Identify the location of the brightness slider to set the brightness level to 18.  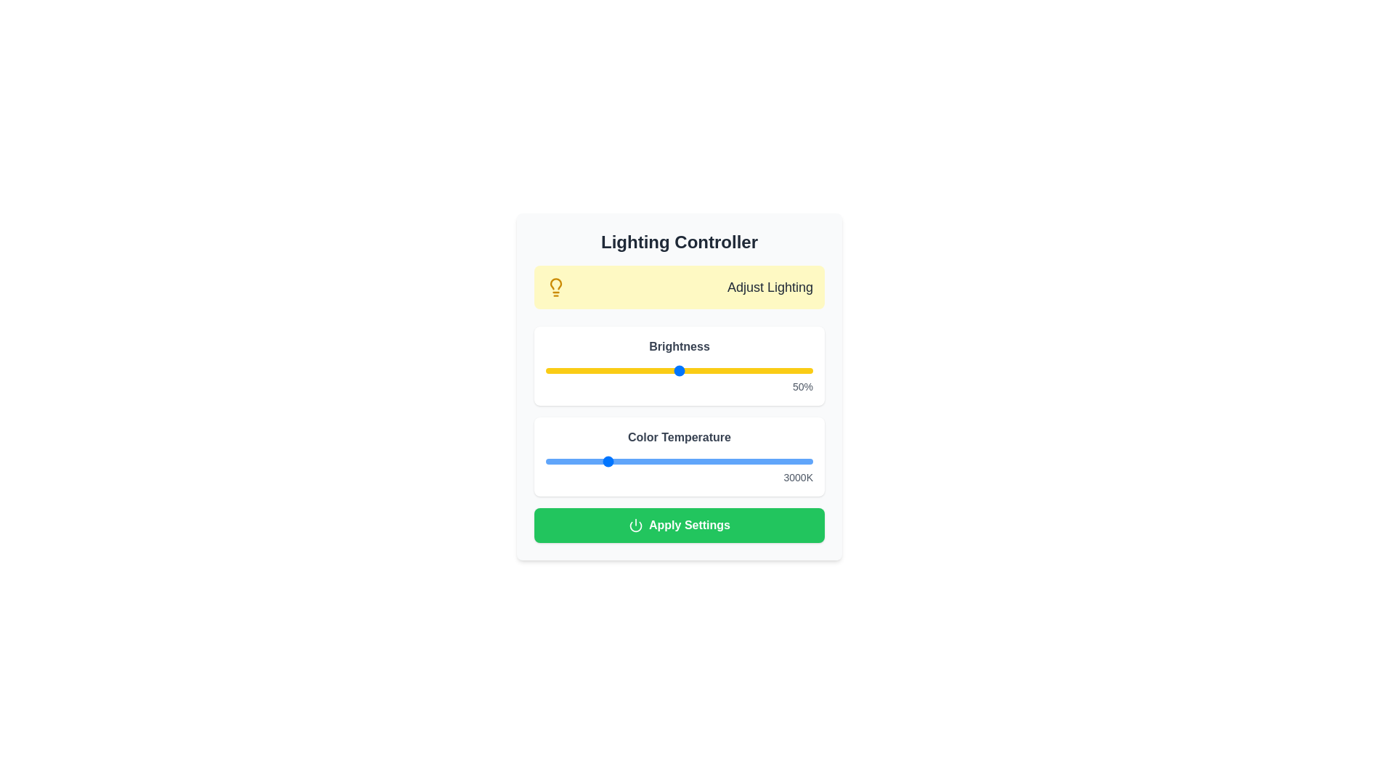
(594, 369).